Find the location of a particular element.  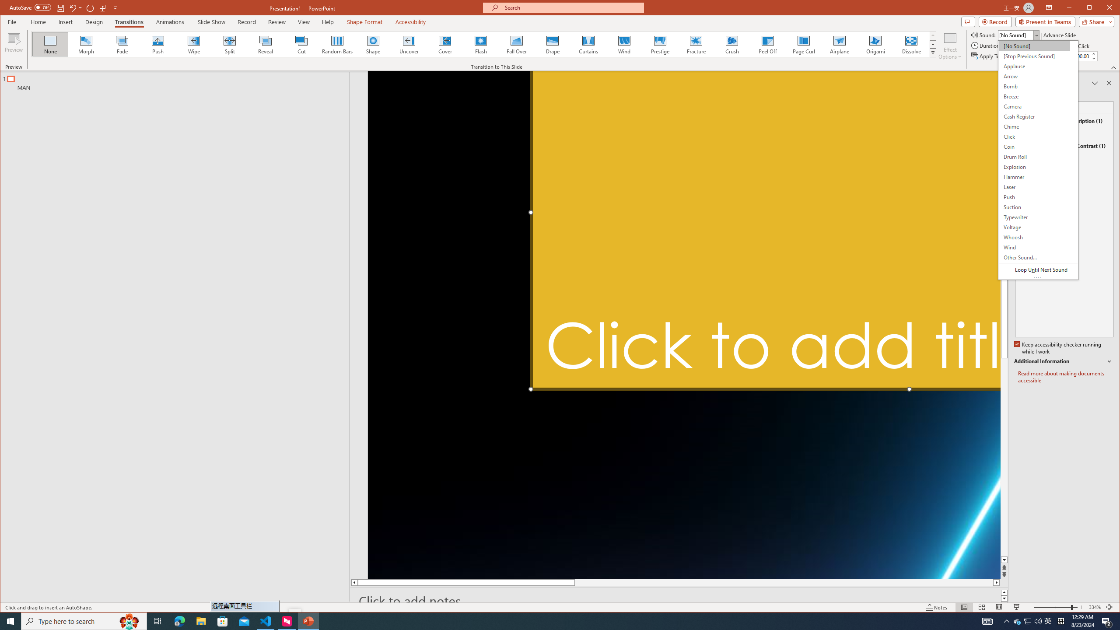

'Slide Show' is located at coordinates (211, 21).